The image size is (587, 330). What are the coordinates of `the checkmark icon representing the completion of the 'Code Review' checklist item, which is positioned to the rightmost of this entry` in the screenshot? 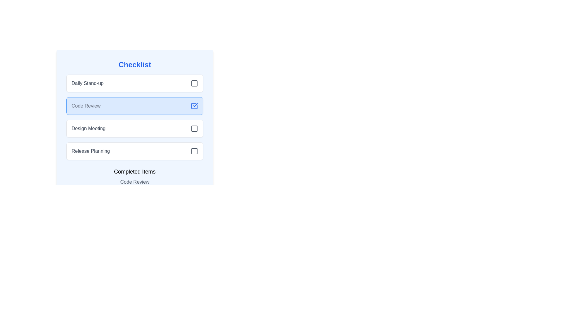 It's located at (195, 105).